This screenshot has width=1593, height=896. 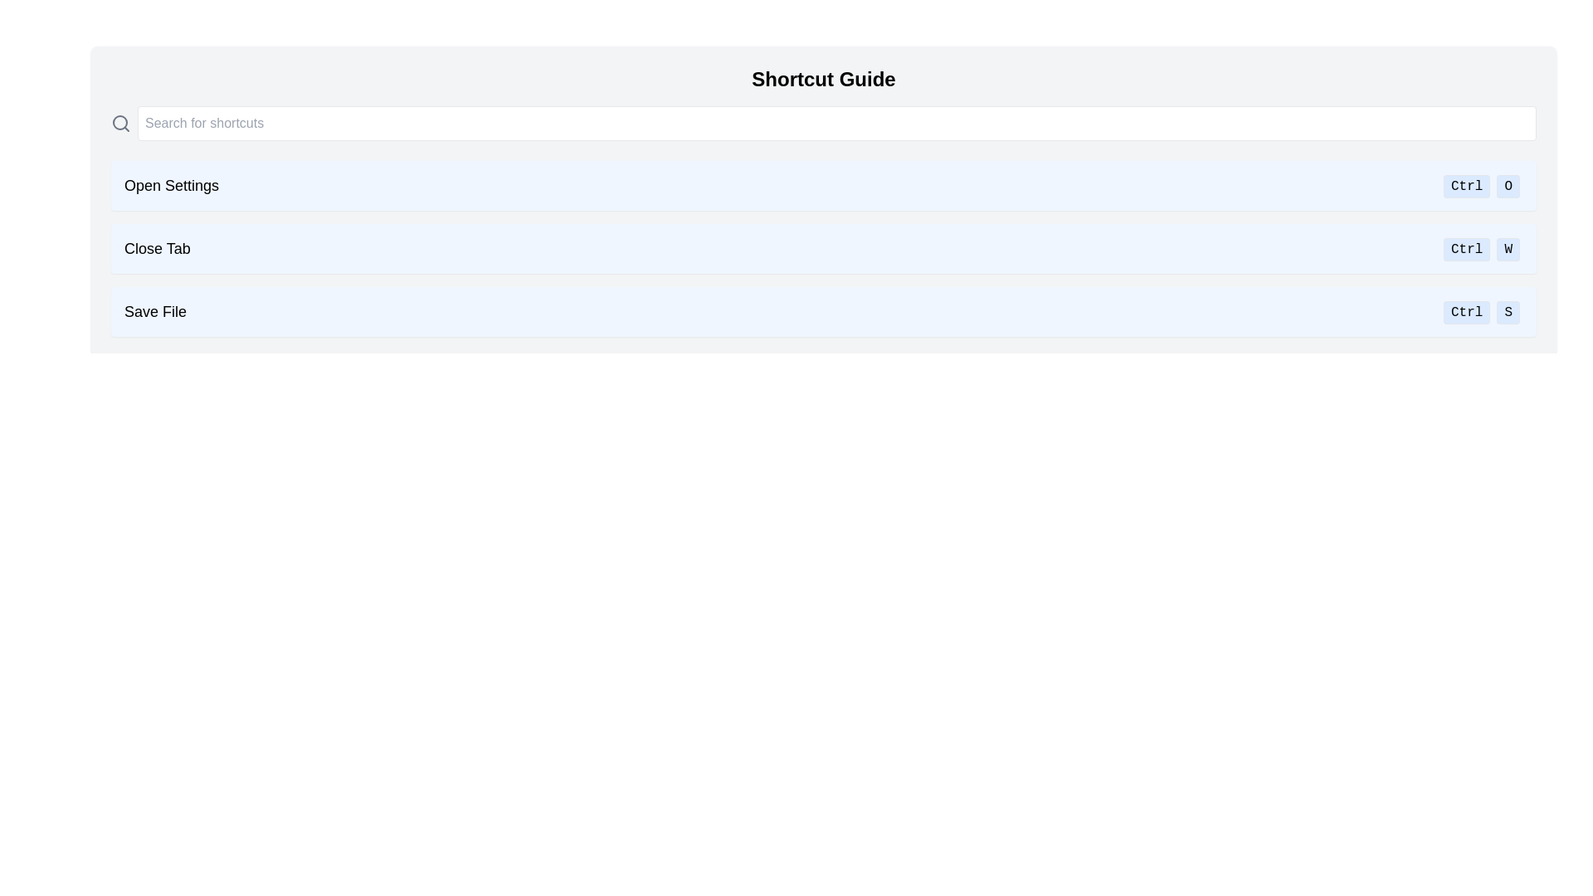 I want to click on the search icon located at the top-left of the search bar to initiate a search, so click(x=119, y=123).